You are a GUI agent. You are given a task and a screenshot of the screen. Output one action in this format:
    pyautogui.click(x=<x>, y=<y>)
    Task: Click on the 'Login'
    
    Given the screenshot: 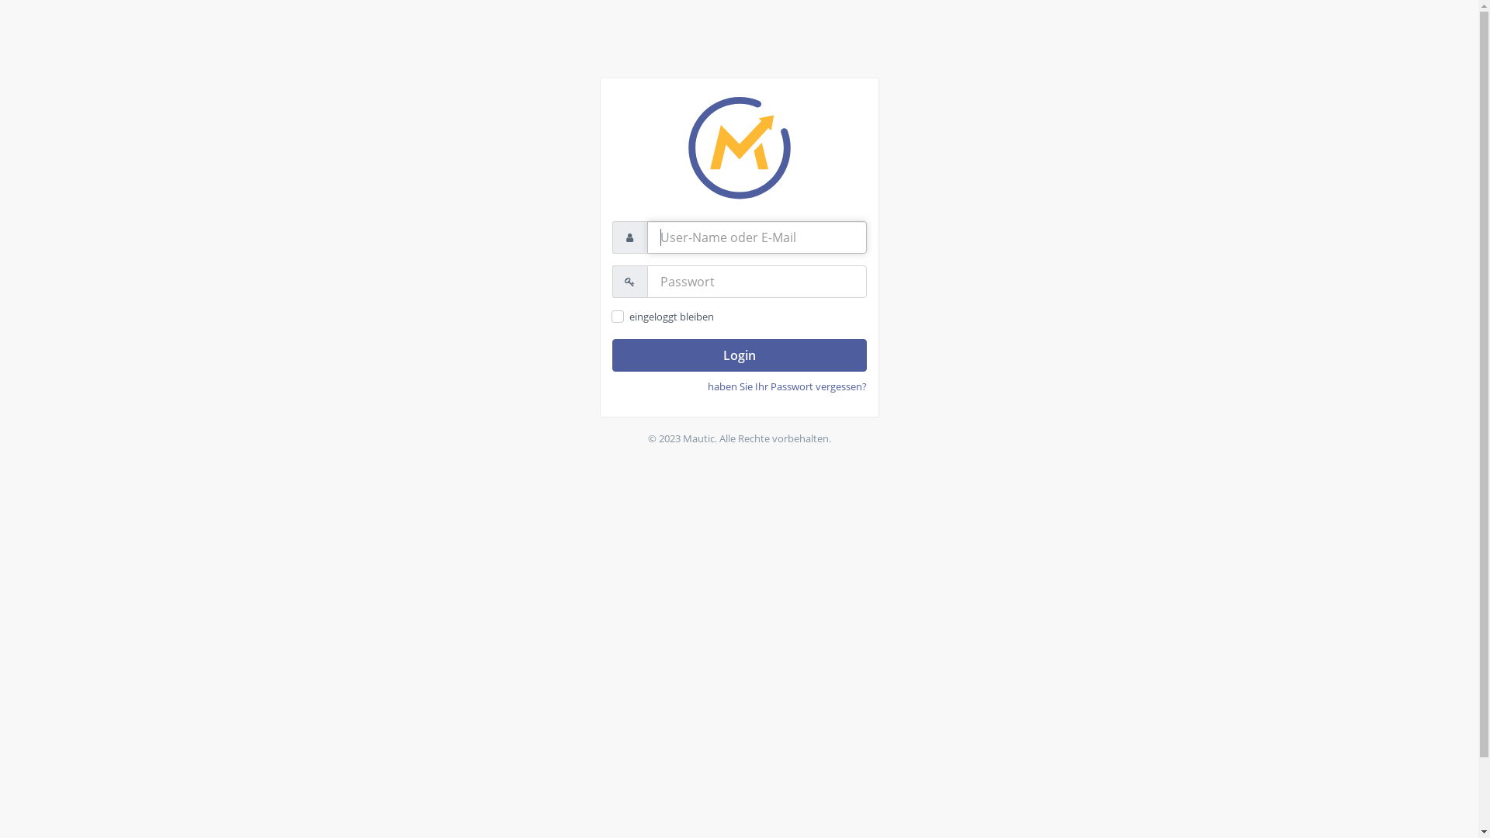 What is the action you would take?
    pyautogui.click(x=737, y=355)
    